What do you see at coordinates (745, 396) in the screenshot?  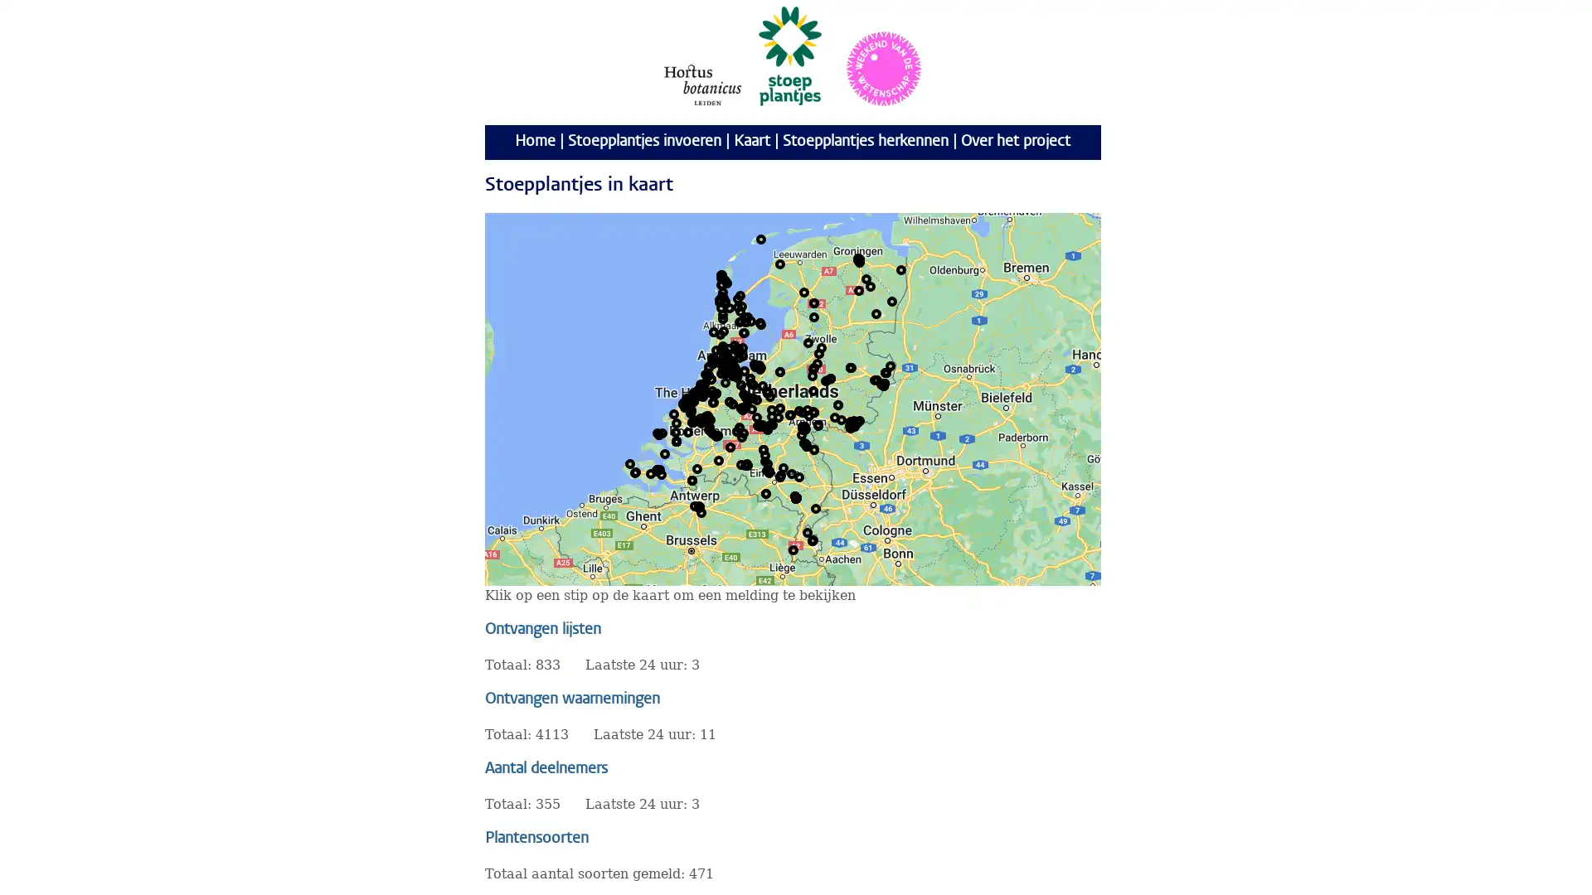 I see `Telling van op 12 april 2022` at bounding box center [745, 396].